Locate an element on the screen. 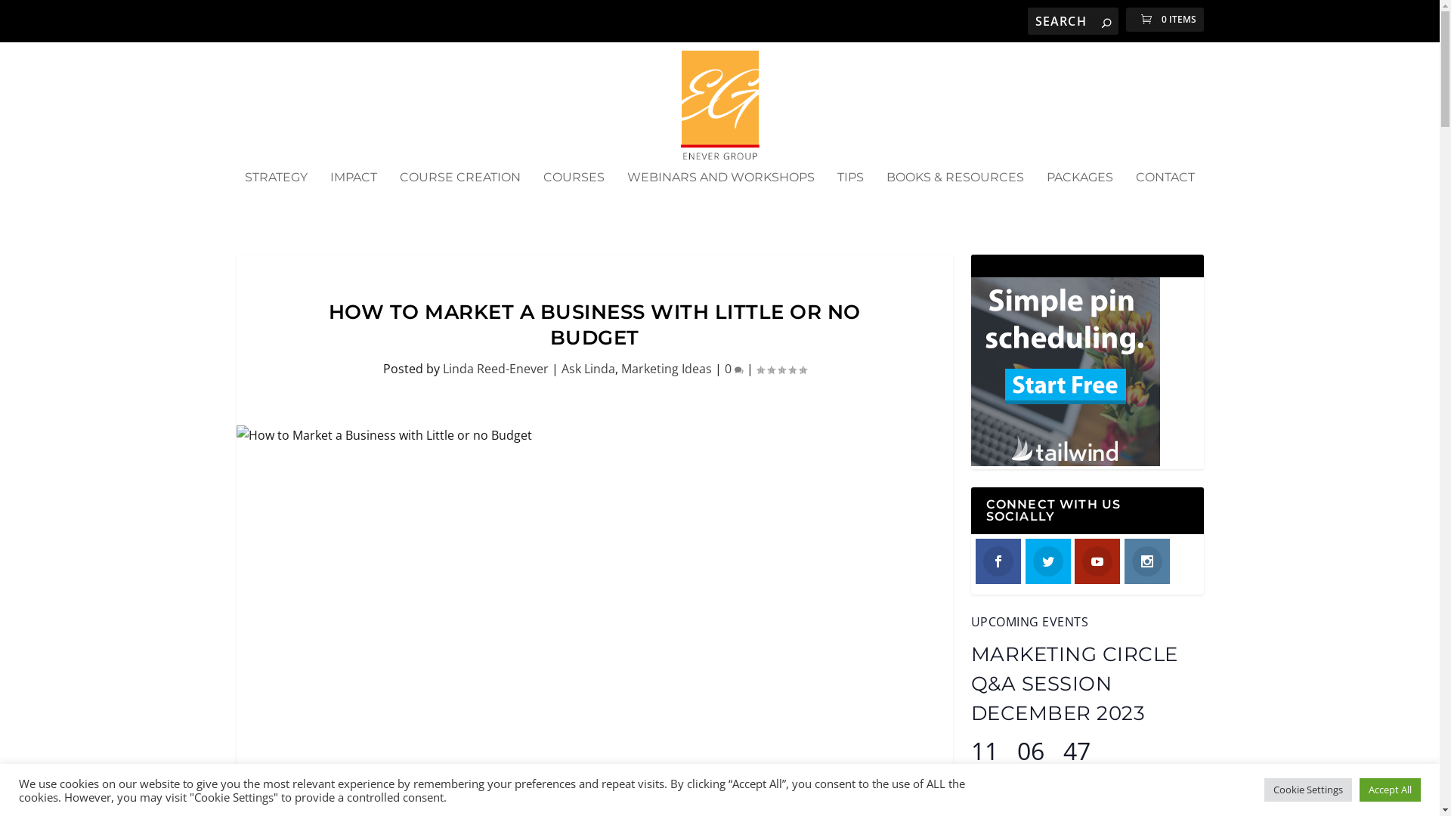 This screenshot has width=1451, height=816. 'CONTACT' is located at coordinates (1164, 197).